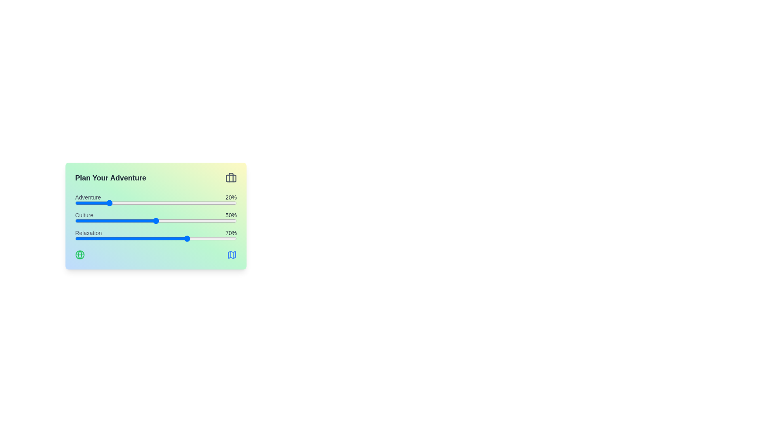  Describe the element at coordinates (125, 202) in the screenshot. I see `the 'Adventure' slider to 31%` at that location.